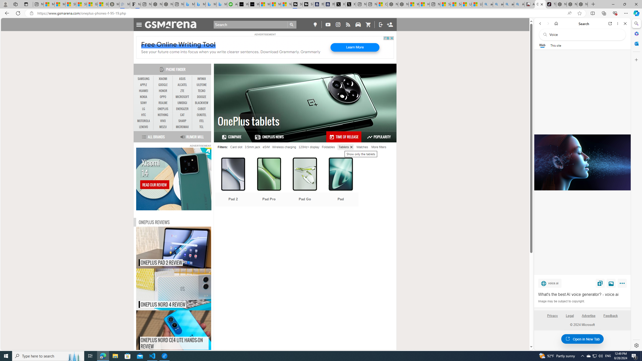 This screenshot has width=642, height=361. Describe the element at coordinates (201, 121) in the screenshot. I see `'ITEL'` at that location.